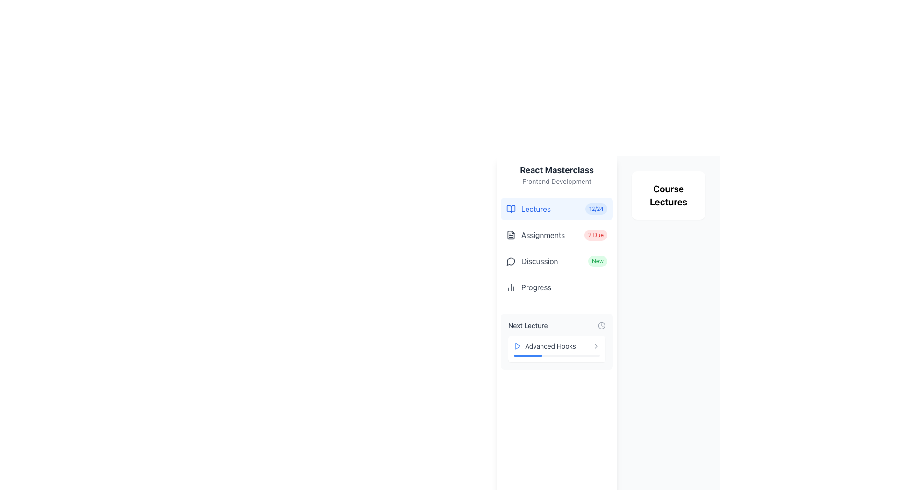  I want to click on the Text Header that displays the name and a short description of a course, located at the top of the sidebar section above 'Lectures' and 'Assignments', so click(556, 175).